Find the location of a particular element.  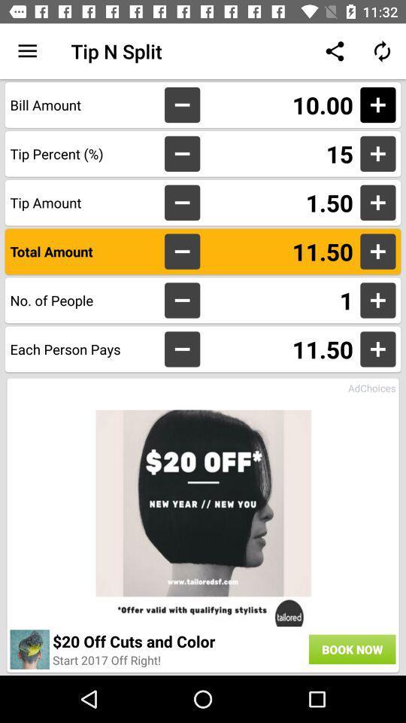

item above bill amount item is located at coordinates (27, 51).